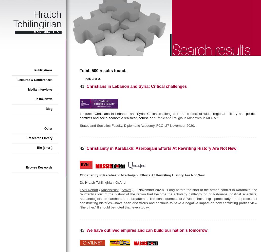 The width and height of the screenshot is (261, 252). Describe the element at coordinates (45, 148) in the screenshot. I see `'Bio (short)'` at that location.